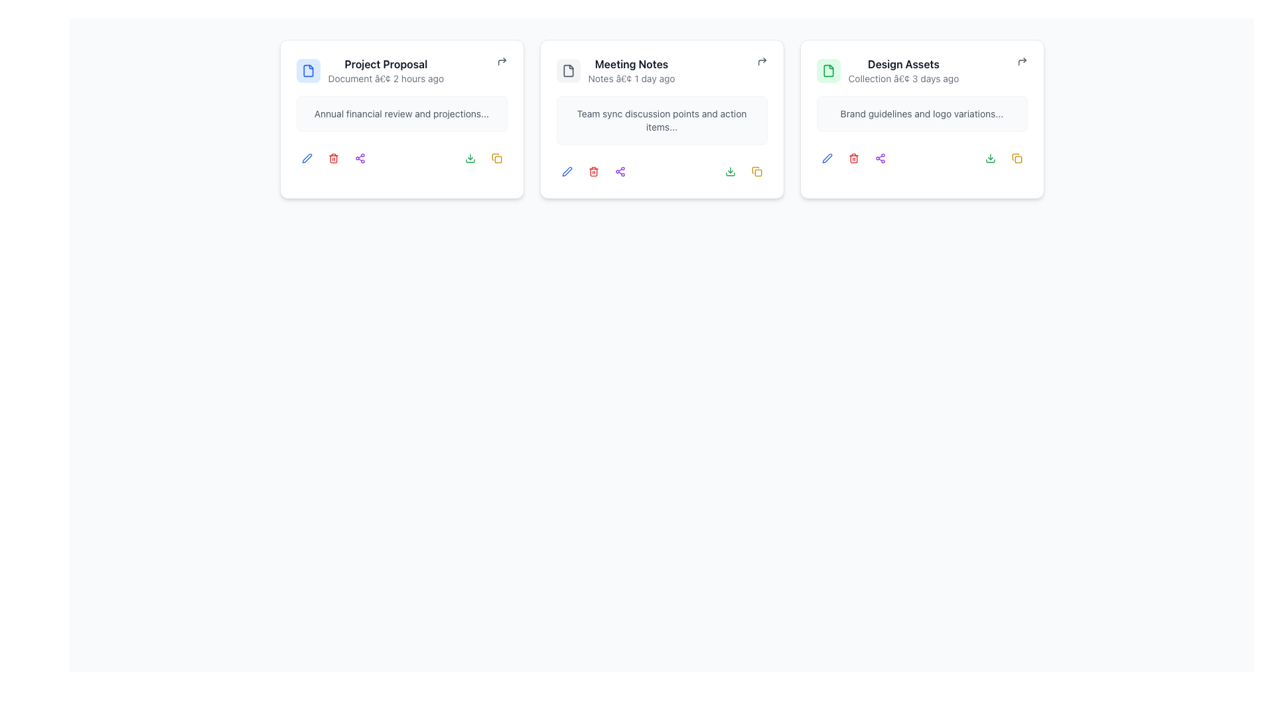 The image size is (1274, 716). I want to click on the Interactive Icon Button located in the top-right corner of the 'Project Proposal' card, so click(501, 61).